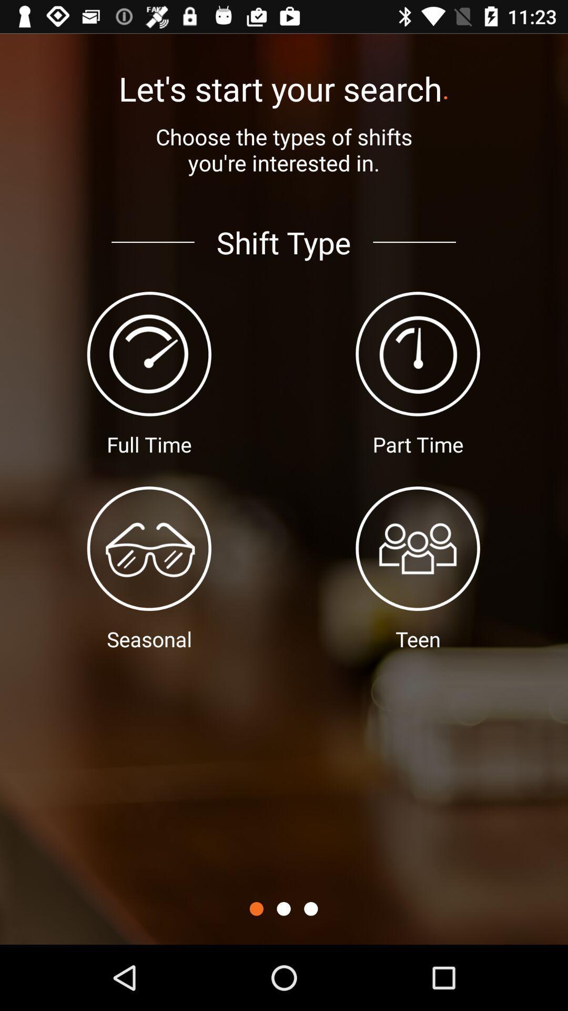  I want to click on last page, so click(310, 908).